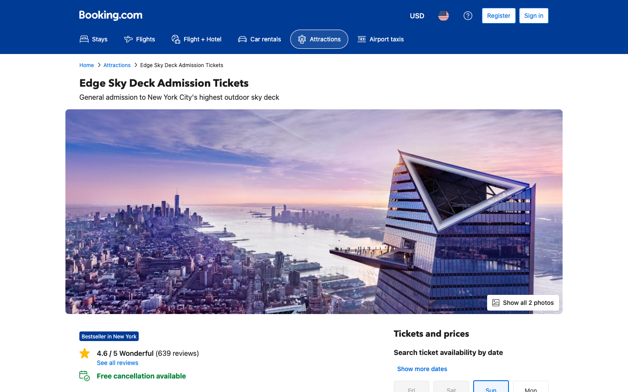 The height and width of the screenshot is (392, 628). What do you see at coordinates (380, 39) in the screenshot?
I see `taxi services for airports` at bounding box center [380, 39].